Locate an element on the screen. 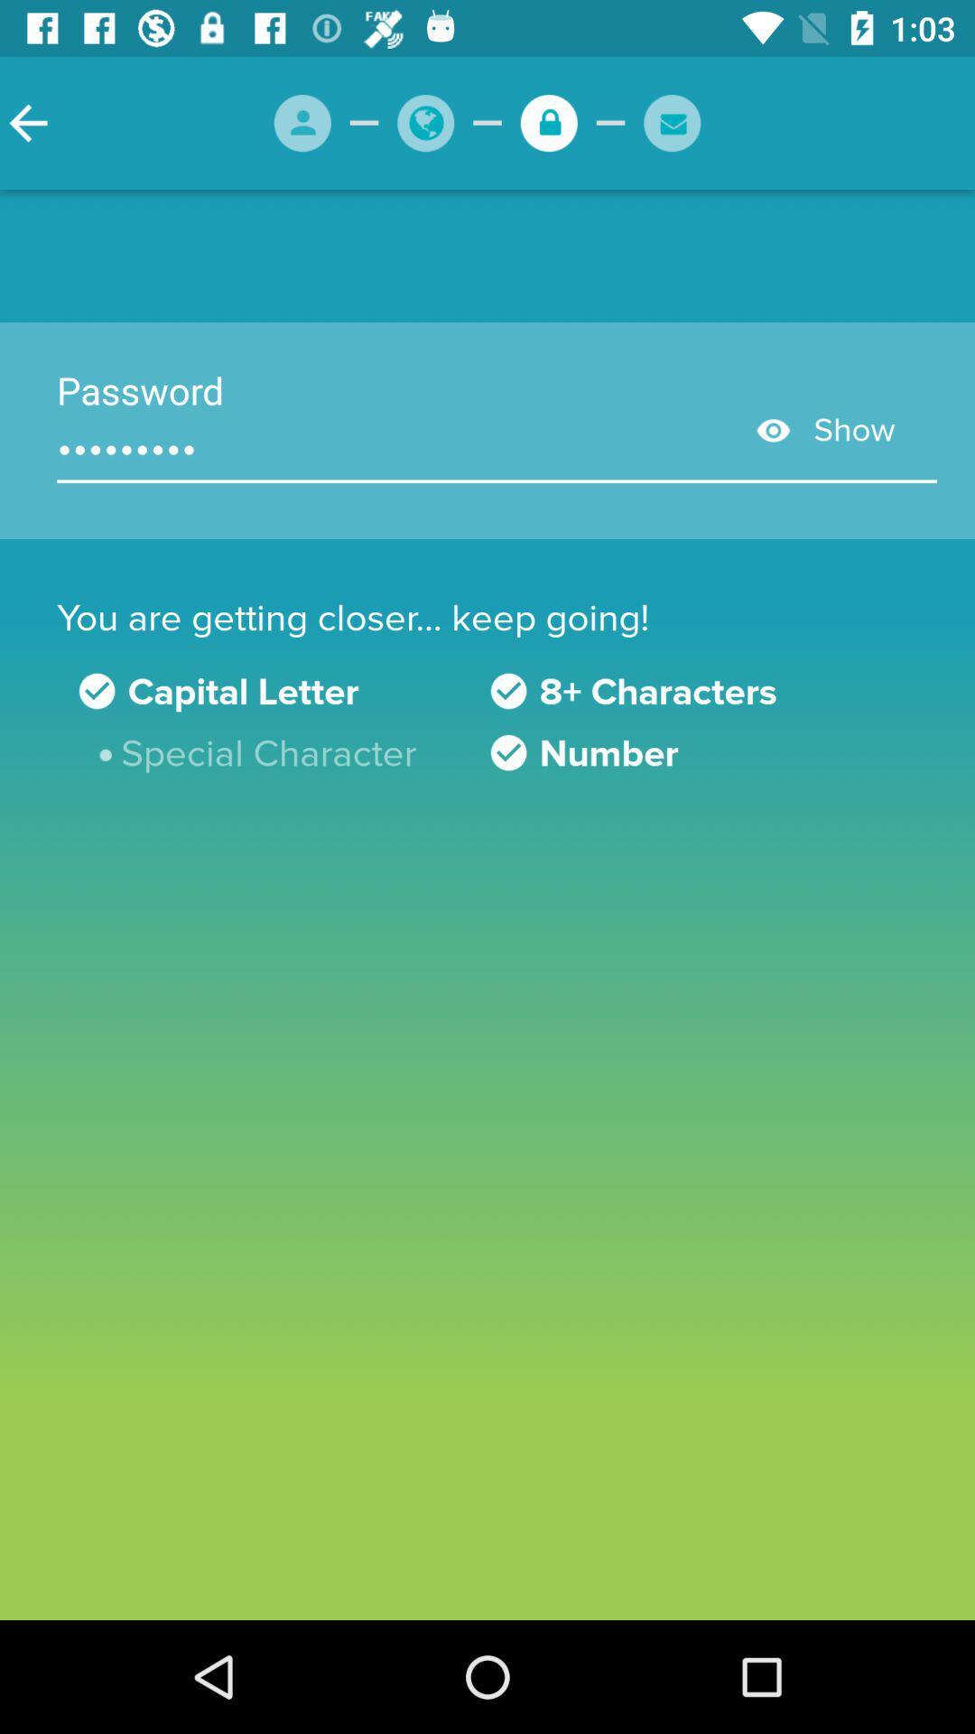 The image size is (975, 1734). previous is located at coordinates (28, 122).